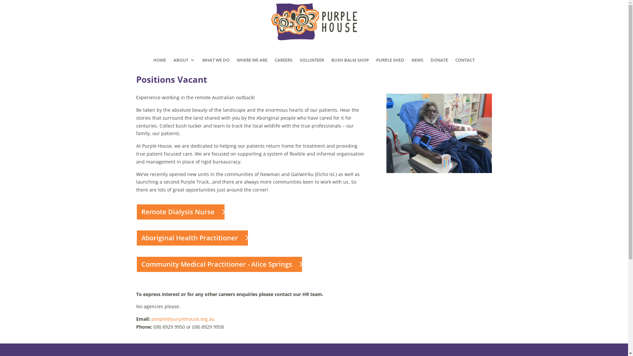 The image size is (633, 356). What do you see at coordinates (182, 318) in the screenshot?
I see `'people@purplehouse.org.au'` at bounding box center [182, 318].